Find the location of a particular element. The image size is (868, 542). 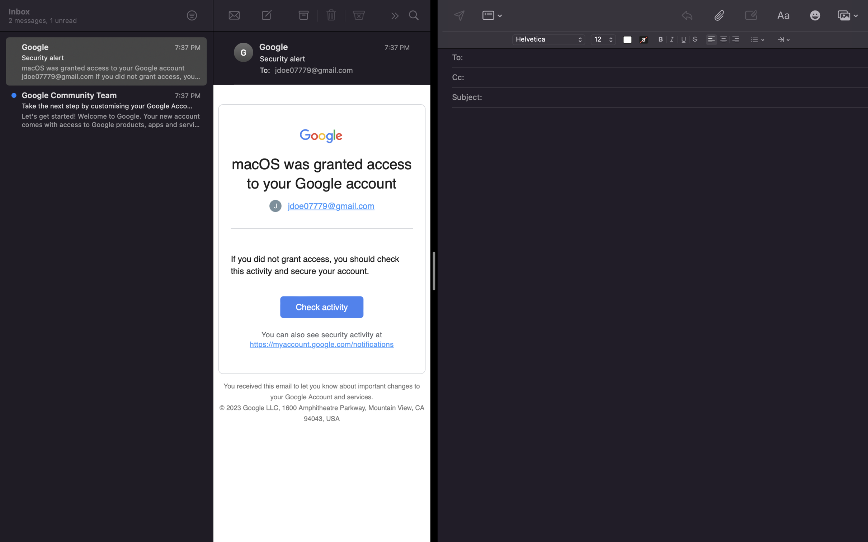

Key in "emily@gmail.com" in the email recepient field is located at coordinates (665, 58).